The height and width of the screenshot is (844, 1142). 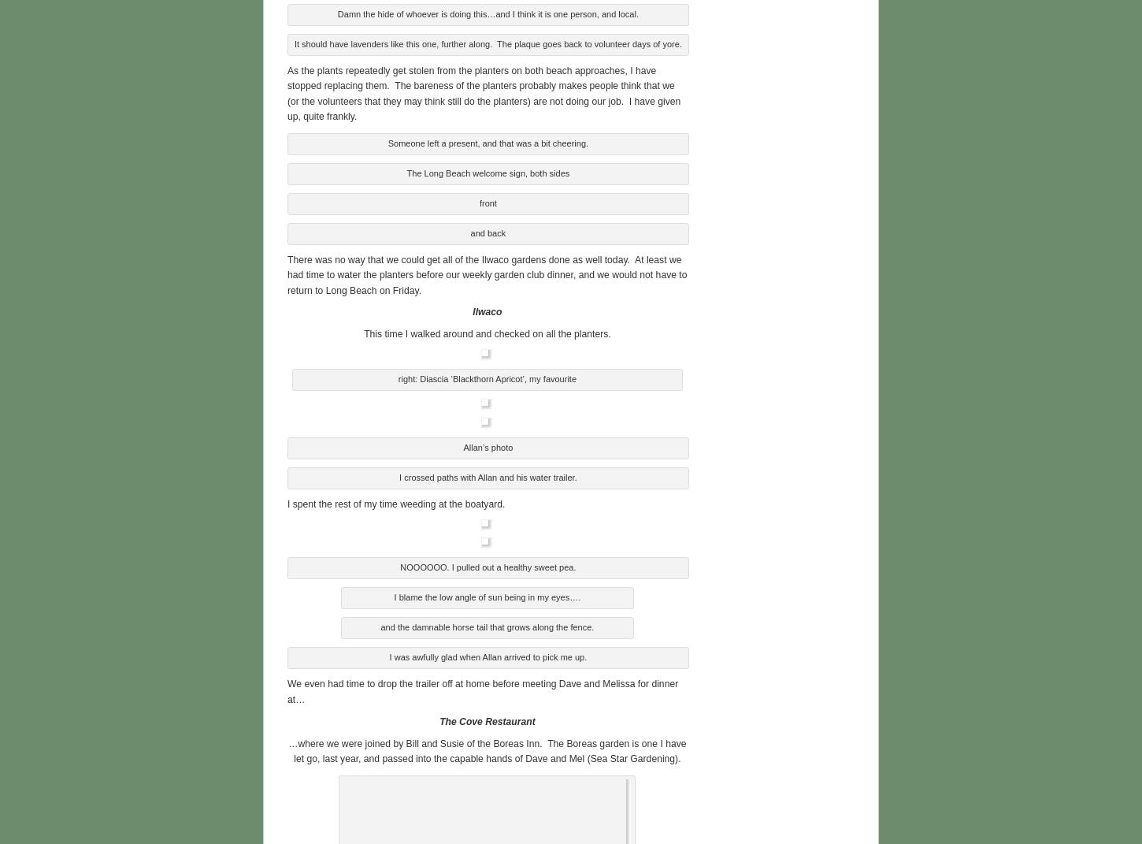 What do you see at coordinates (287, 749) in the screenshot?
I see `'…where we were joined by Bill and Susie of the Boreas Inn.  The Boreas garden is one I have let go, last year, and passed into the capable hands of Dave and Mel (Sea Star Gardening).'` at bounding box center [287, 749].